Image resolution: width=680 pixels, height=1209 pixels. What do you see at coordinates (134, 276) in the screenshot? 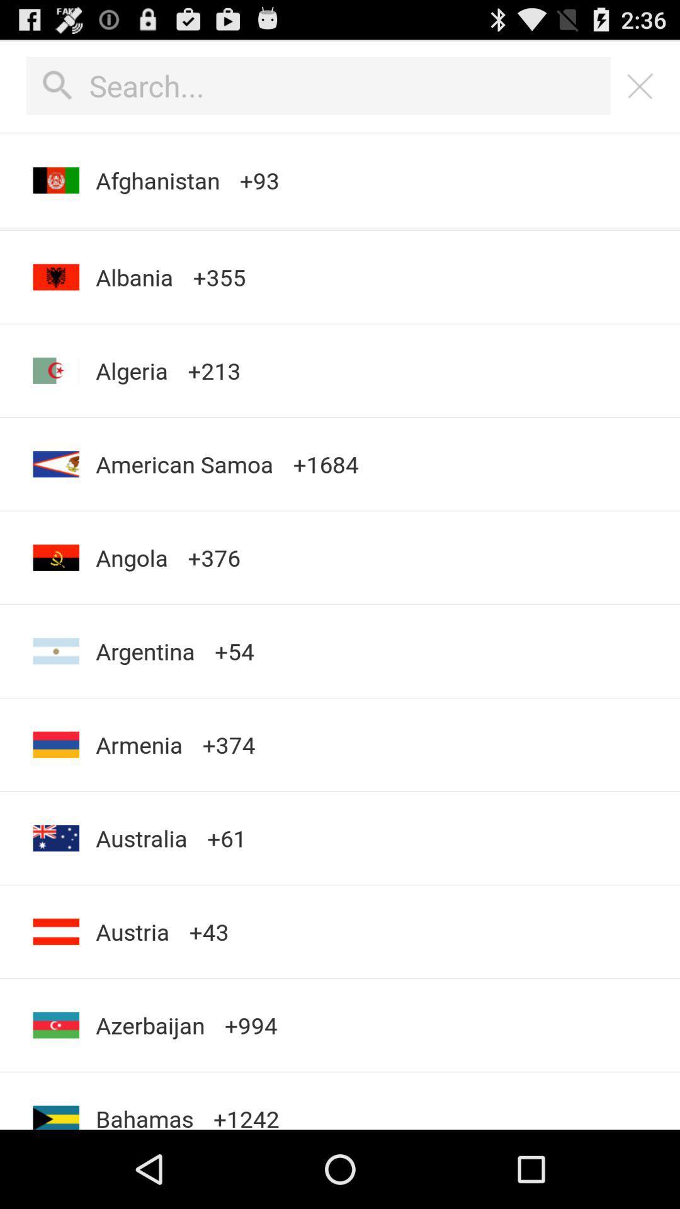
I see `item next to +213 app` at bounding box center [134, 276].